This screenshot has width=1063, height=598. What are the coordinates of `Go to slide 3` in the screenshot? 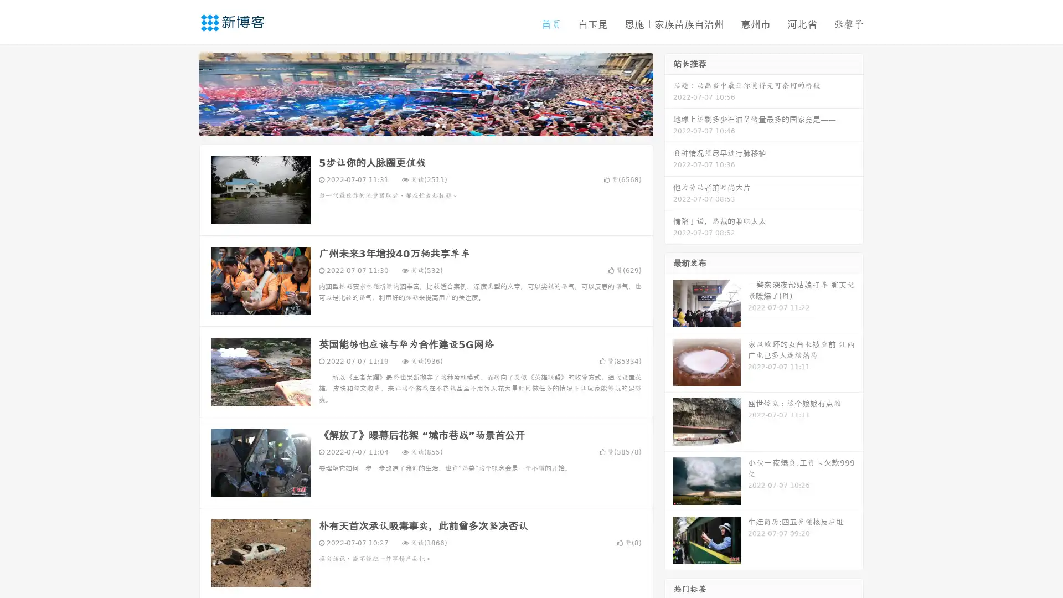 It's located at (437, 125).